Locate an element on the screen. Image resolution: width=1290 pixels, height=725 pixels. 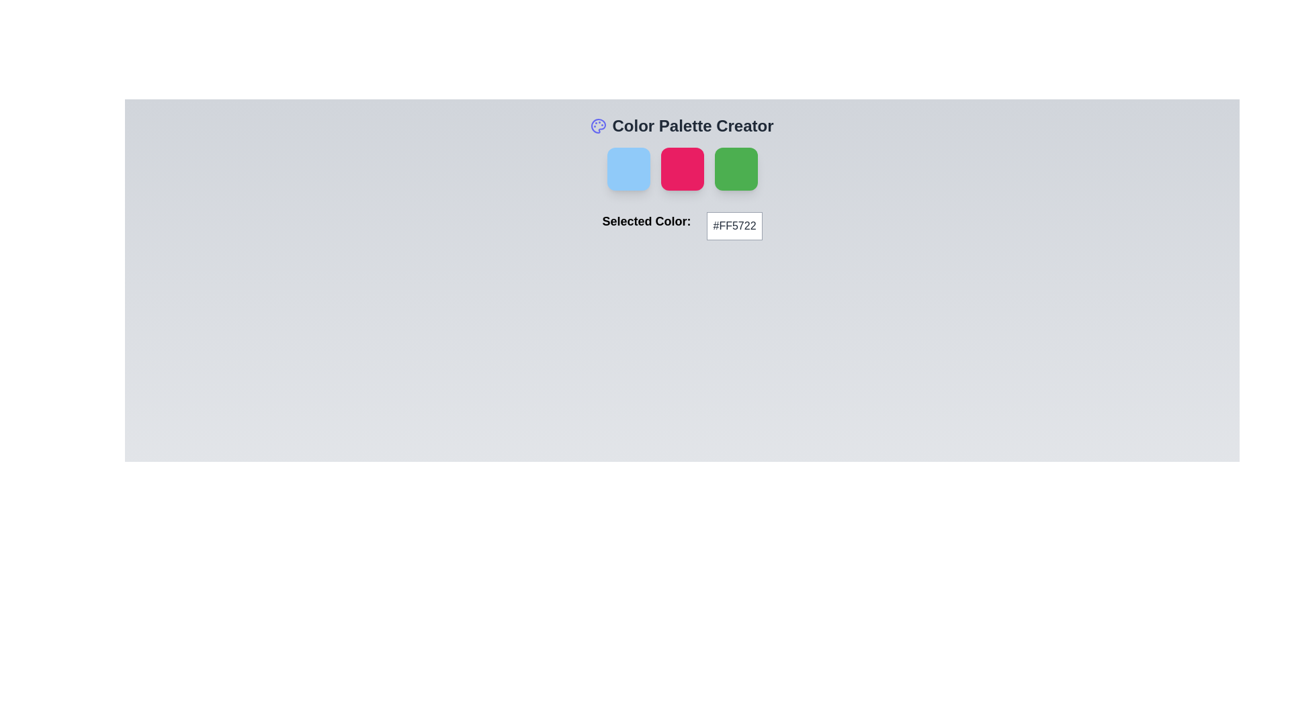
the middle square button in the color palette is located at coordinates (682, 168).